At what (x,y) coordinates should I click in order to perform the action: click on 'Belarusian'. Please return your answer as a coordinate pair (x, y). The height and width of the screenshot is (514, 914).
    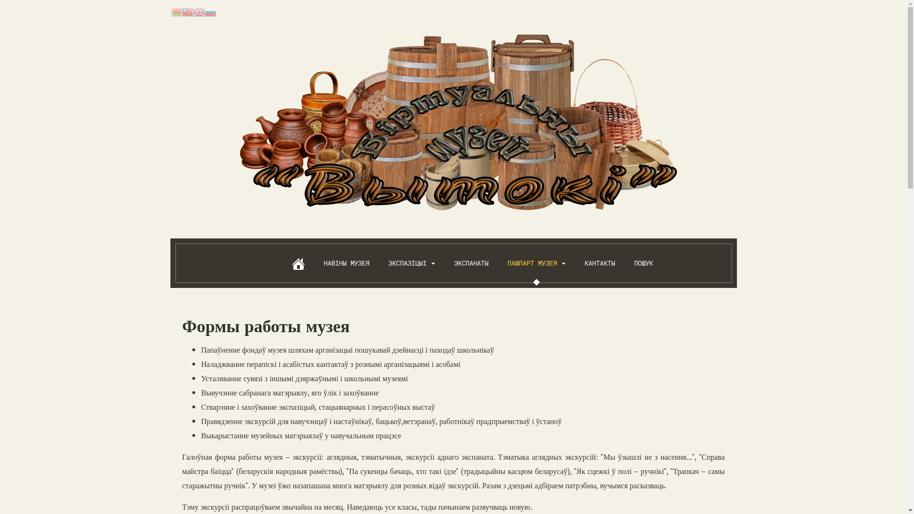
    Looking at the image, I should click on (176, 11).